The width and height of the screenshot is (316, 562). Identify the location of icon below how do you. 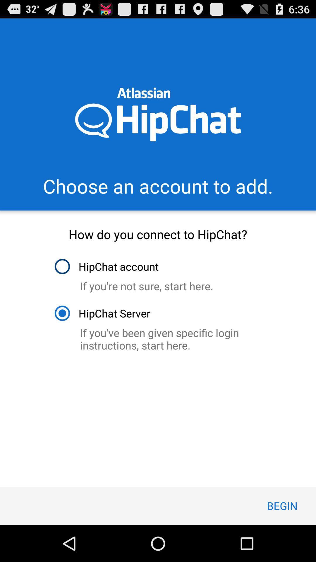
(106, 266).